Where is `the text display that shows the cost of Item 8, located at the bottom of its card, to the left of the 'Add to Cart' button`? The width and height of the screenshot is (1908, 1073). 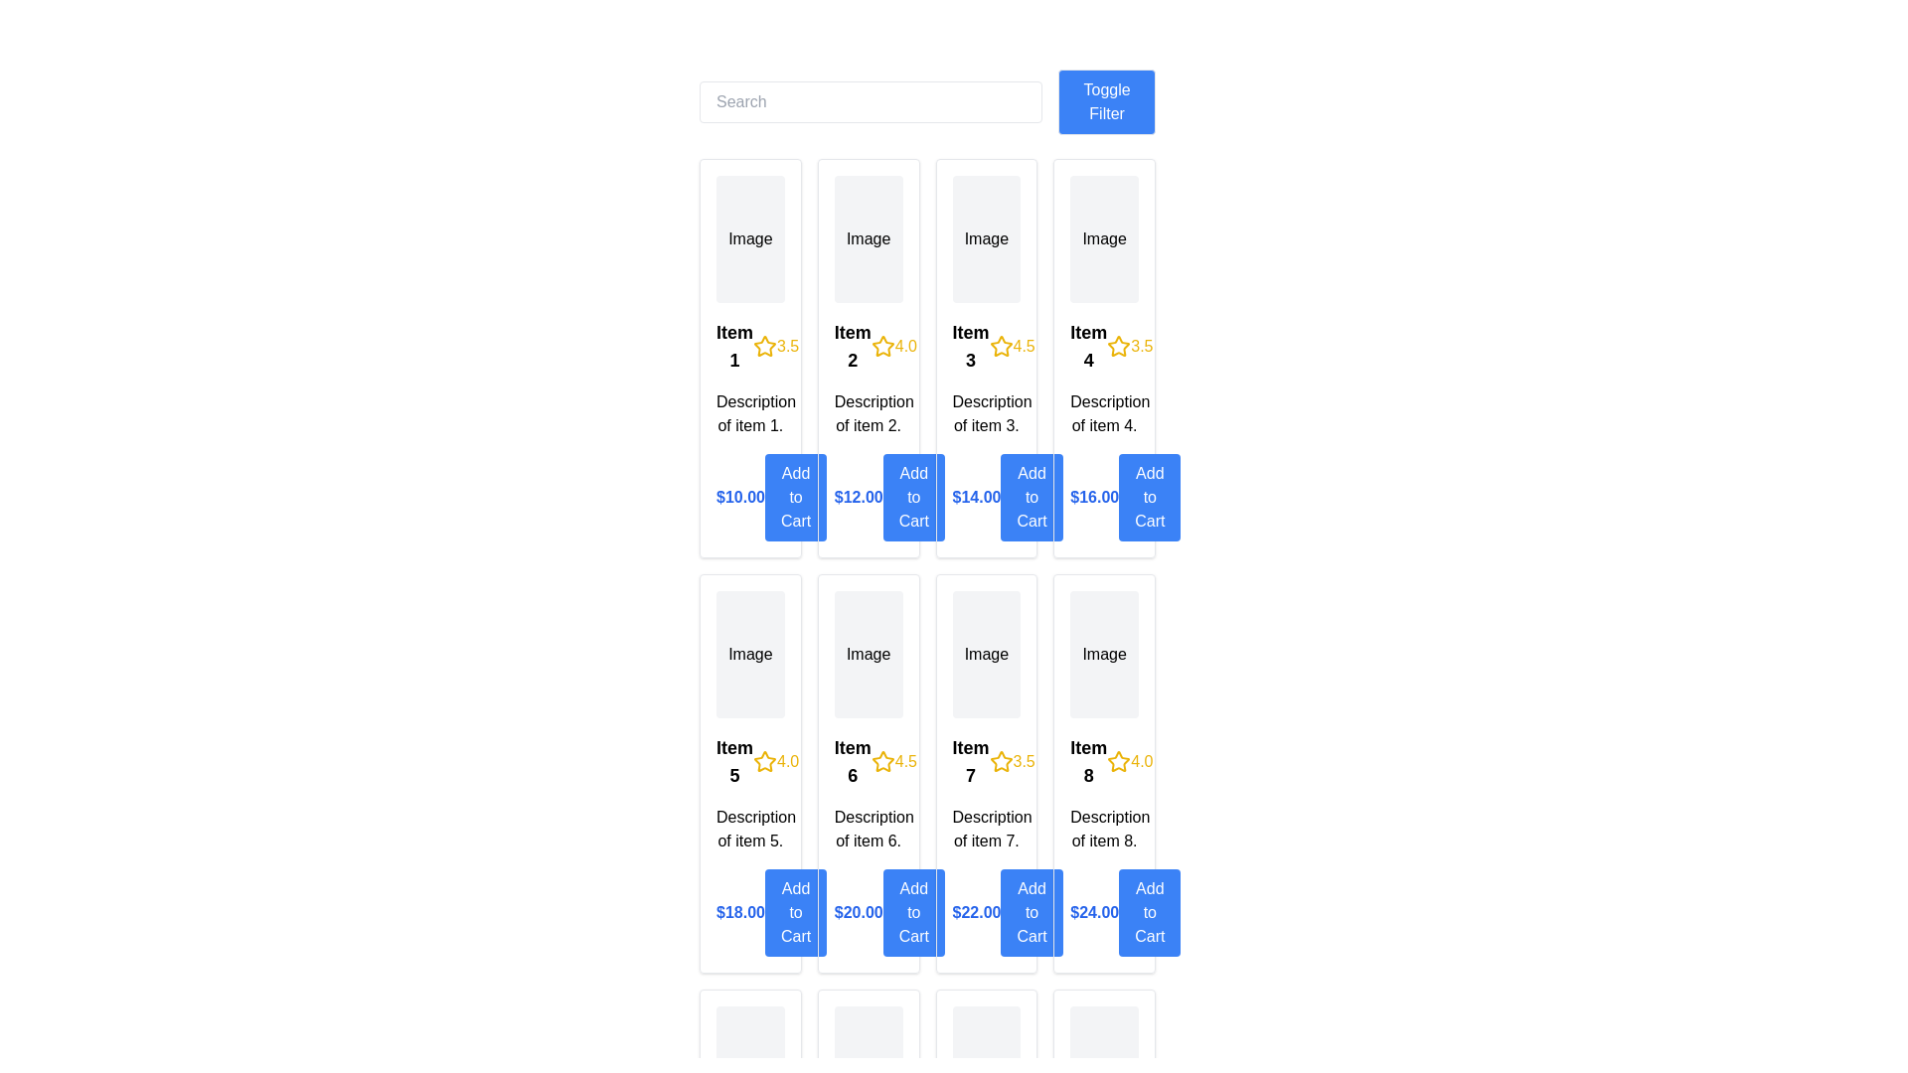
the text display that shows the cost of Item 8, located at the bottom of its card, to the left of the 'Add to Cart' button is located at coordinates (1093, 912).